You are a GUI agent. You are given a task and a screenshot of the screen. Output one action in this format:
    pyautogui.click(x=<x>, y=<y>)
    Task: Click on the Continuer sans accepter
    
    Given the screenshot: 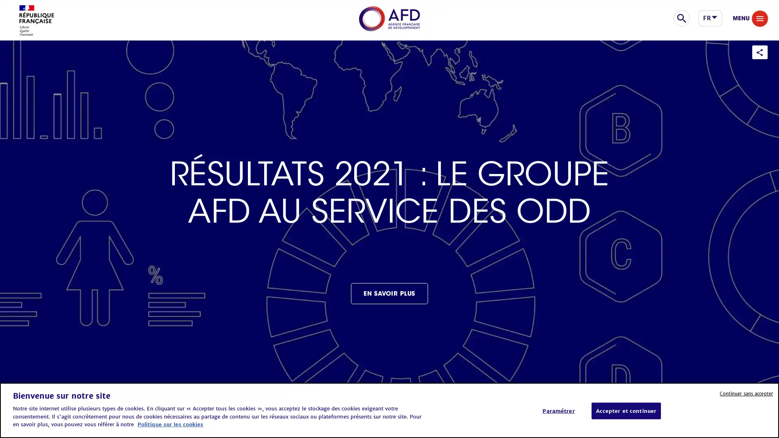 What is the action you would take?
    pyautogui.click(x=746, y=393)
    